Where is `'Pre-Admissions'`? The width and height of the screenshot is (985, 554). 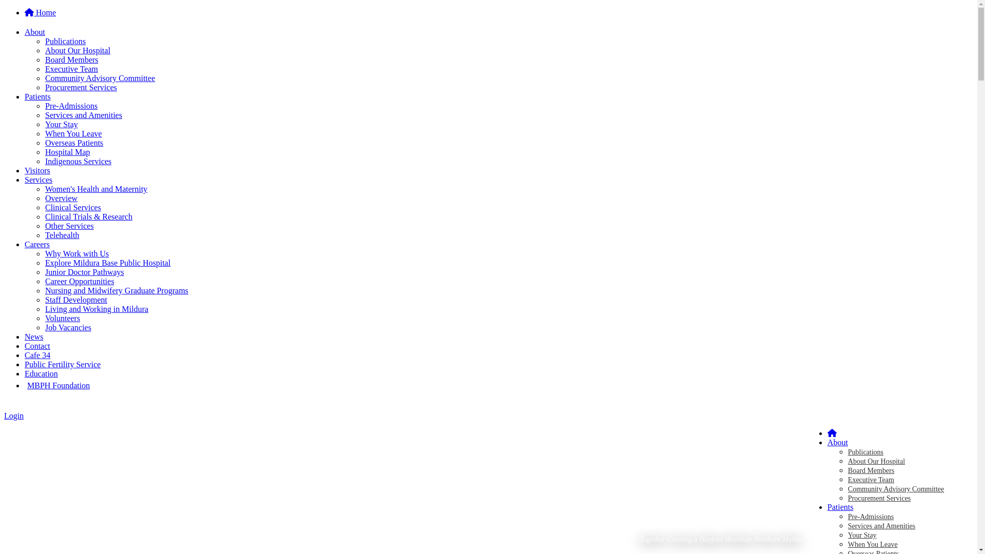
'Pre-Admissions' is located at coordinates (870, 517).